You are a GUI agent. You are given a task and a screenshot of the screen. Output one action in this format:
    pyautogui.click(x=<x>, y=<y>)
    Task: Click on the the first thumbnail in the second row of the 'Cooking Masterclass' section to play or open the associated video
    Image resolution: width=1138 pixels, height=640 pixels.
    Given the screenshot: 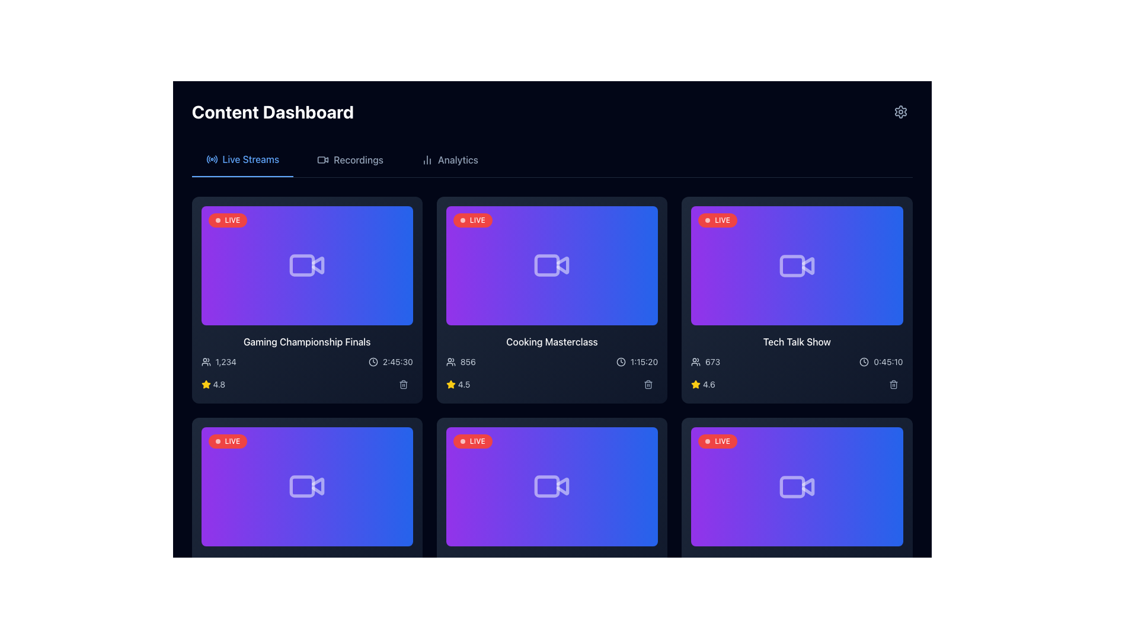 What is the action you would take?
    pyautogui.click(x=551, y=265)
    